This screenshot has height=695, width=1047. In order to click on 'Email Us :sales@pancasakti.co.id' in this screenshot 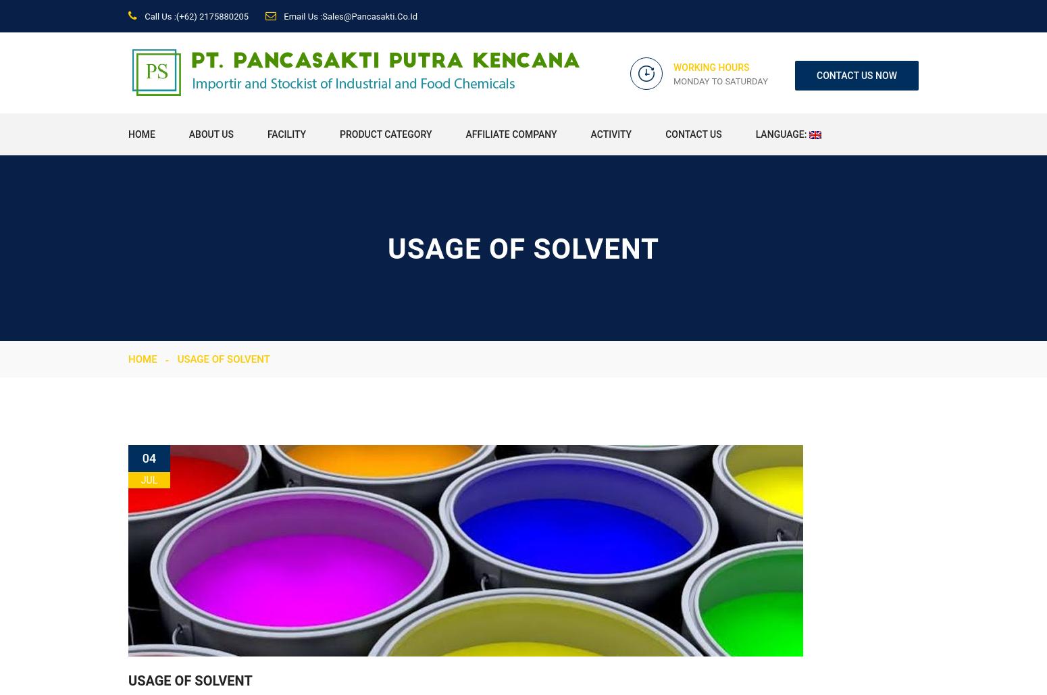, I will do `click(349, 16)`.